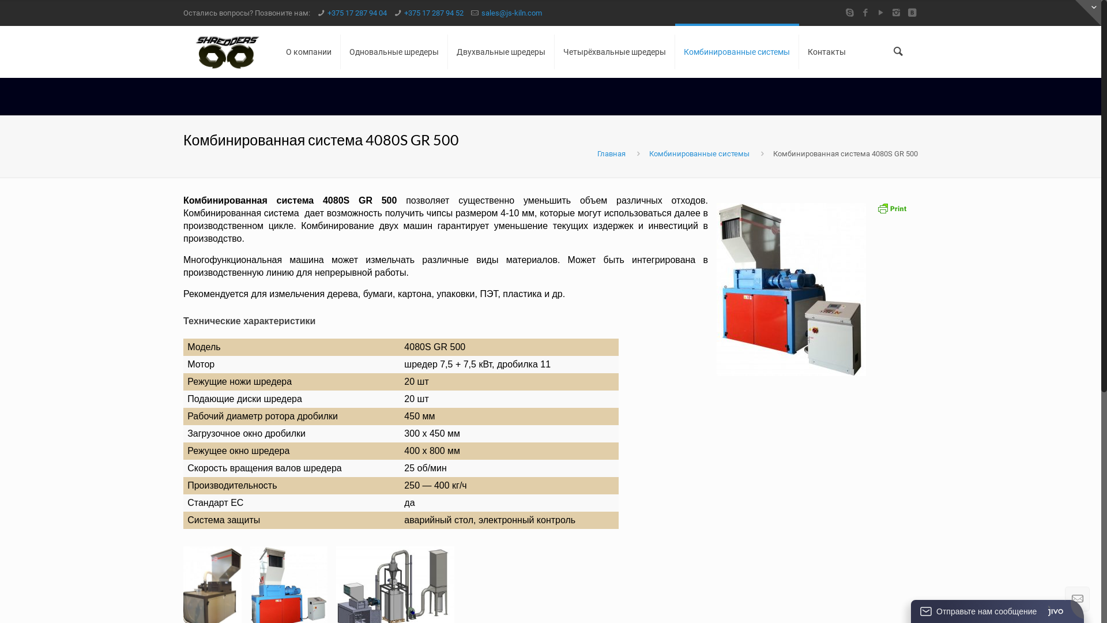 The height and width of the screenshot is (623, 1107). I want to click on 'Instagram', so click(895, 13).